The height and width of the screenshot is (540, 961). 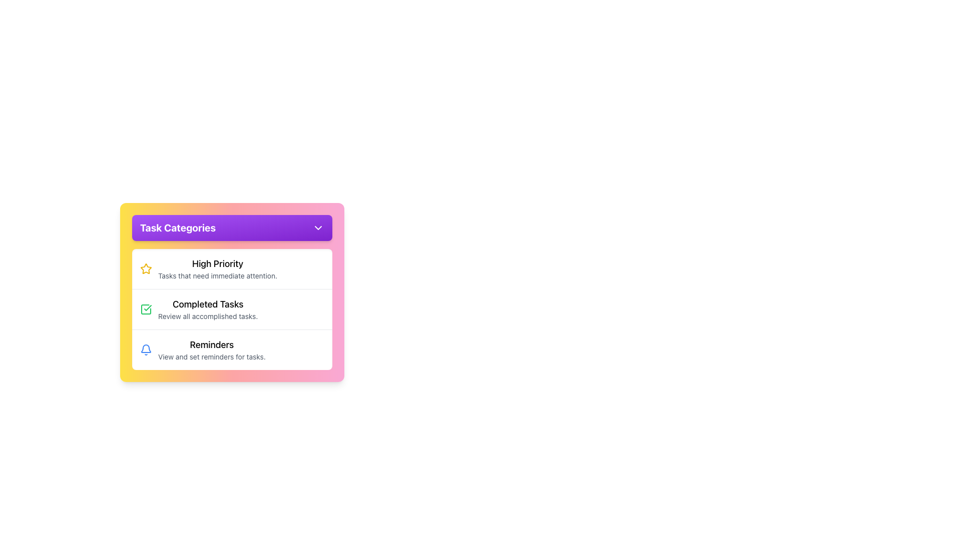 I want to click on the Text Display element, which is the second item in the list under 'Task Categories', positioned below 'High Priority' and above 'Reminders', so click(x=207, y=308).